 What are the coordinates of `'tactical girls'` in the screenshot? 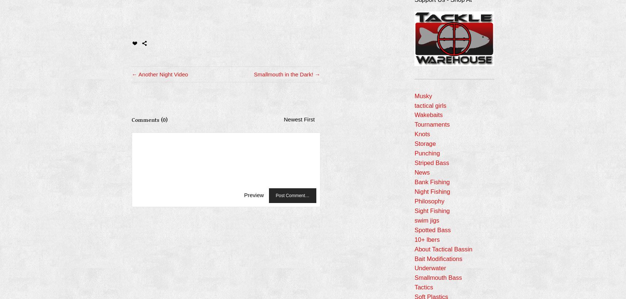 It's located at (430, 105).